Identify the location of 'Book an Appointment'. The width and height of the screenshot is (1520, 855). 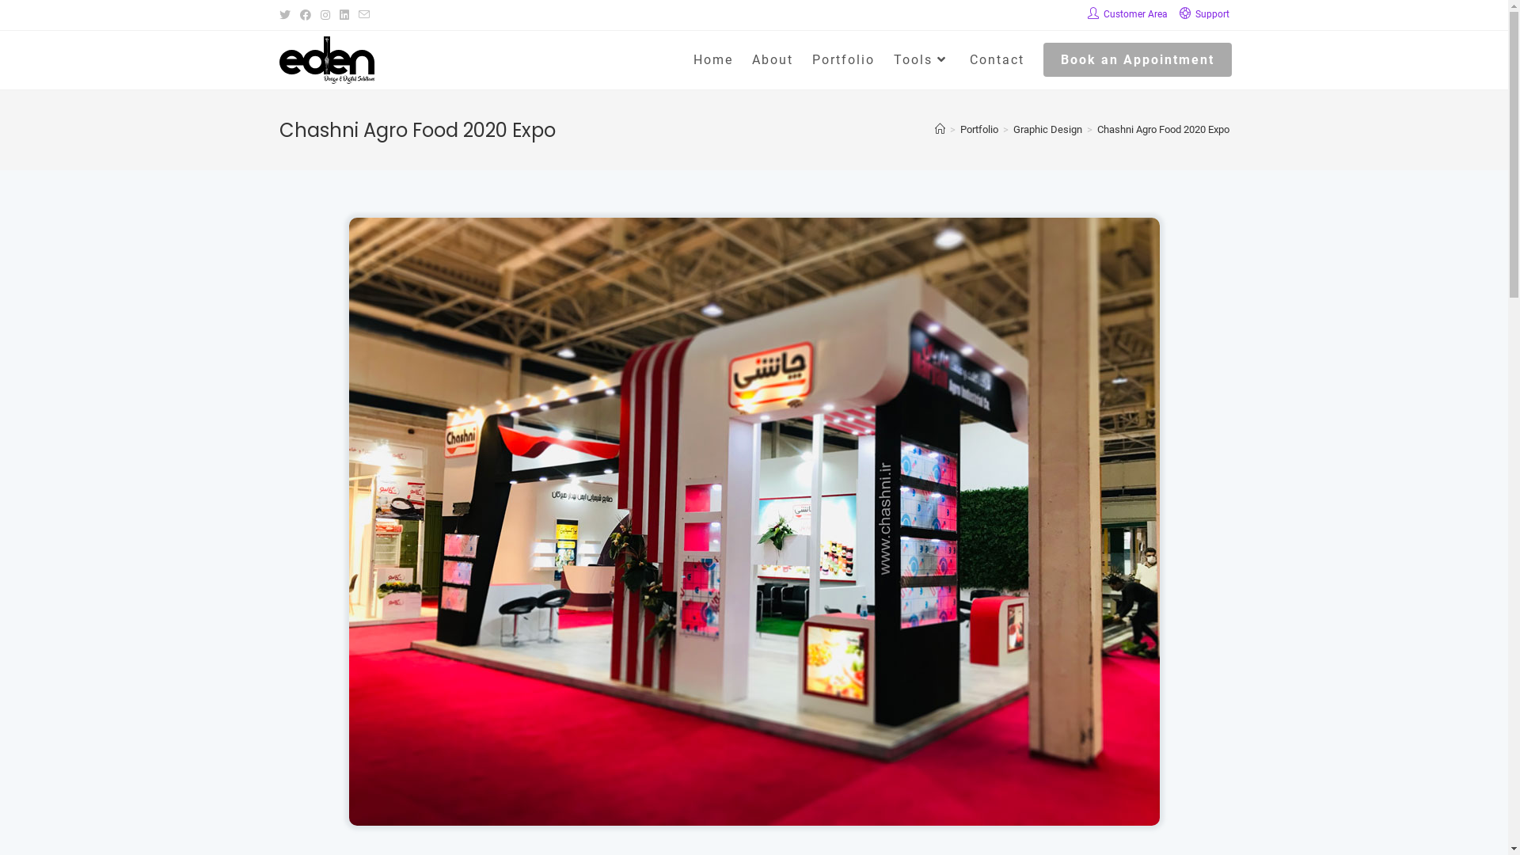
(1136, 59).